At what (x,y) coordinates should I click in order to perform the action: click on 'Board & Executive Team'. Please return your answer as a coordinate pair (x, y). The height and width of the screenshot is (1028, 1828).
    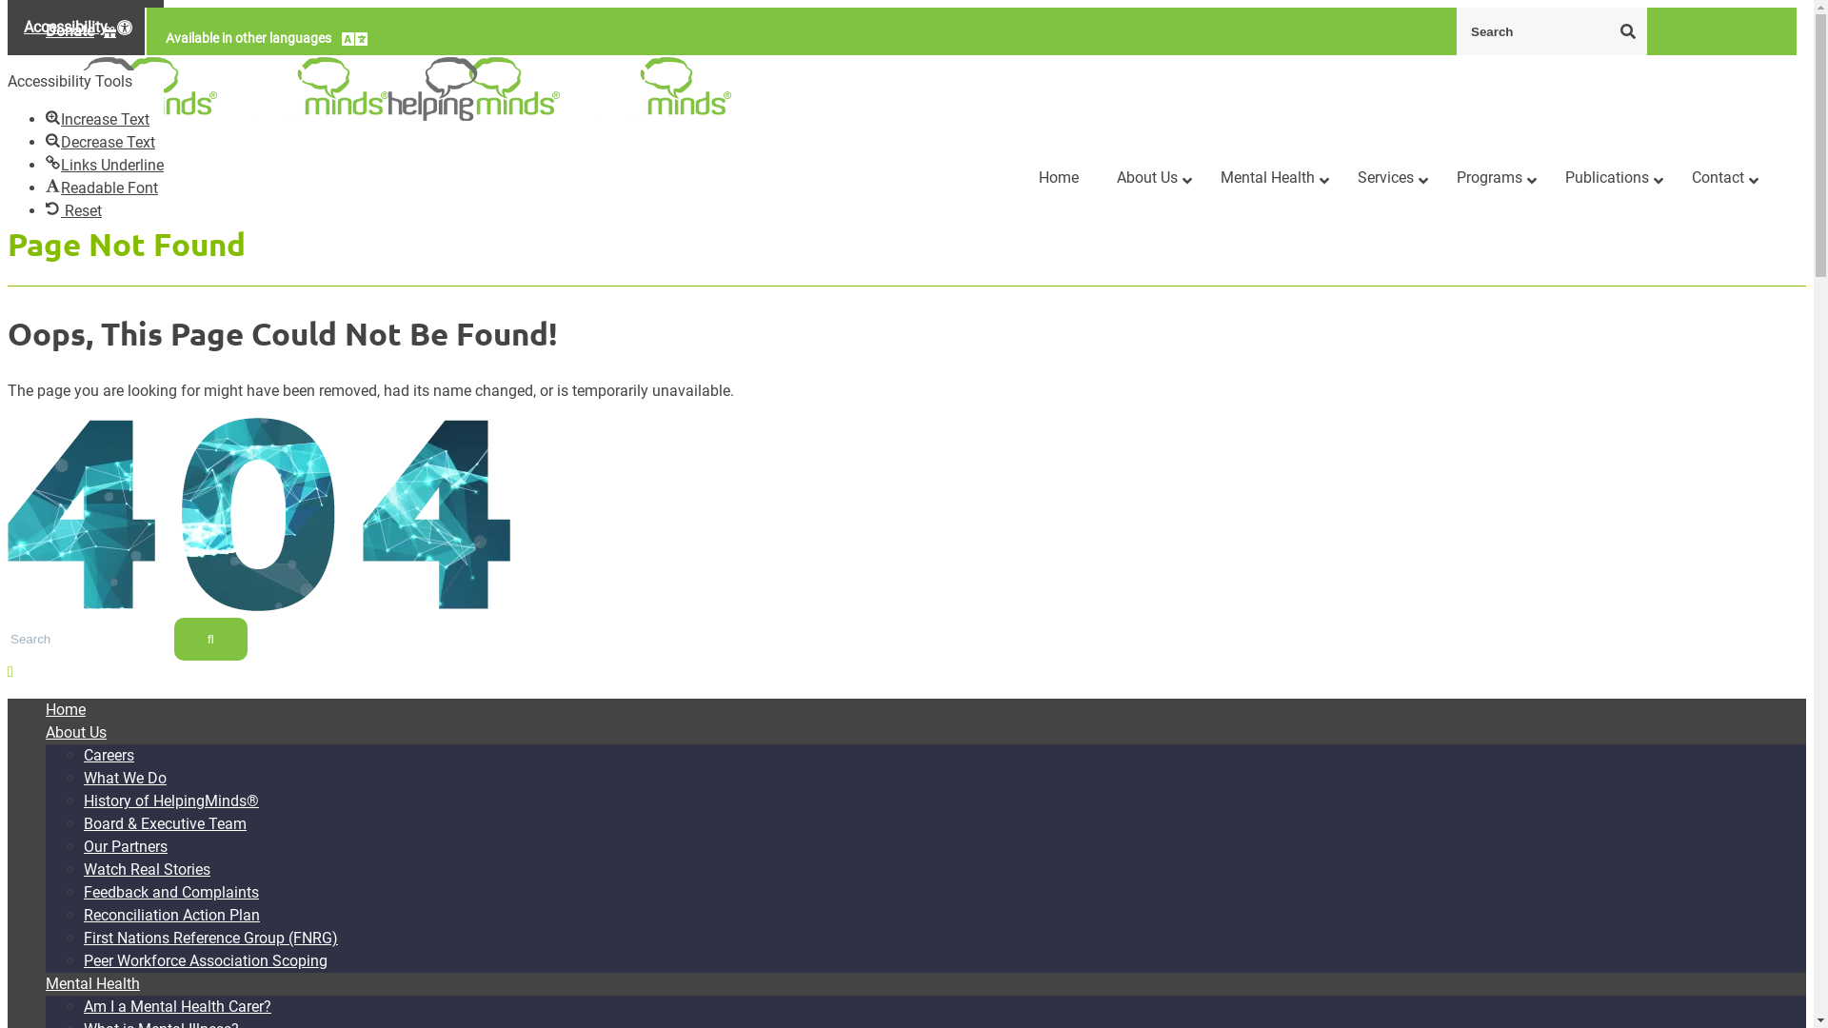
    Looking at the image, I should click on (165, 822).